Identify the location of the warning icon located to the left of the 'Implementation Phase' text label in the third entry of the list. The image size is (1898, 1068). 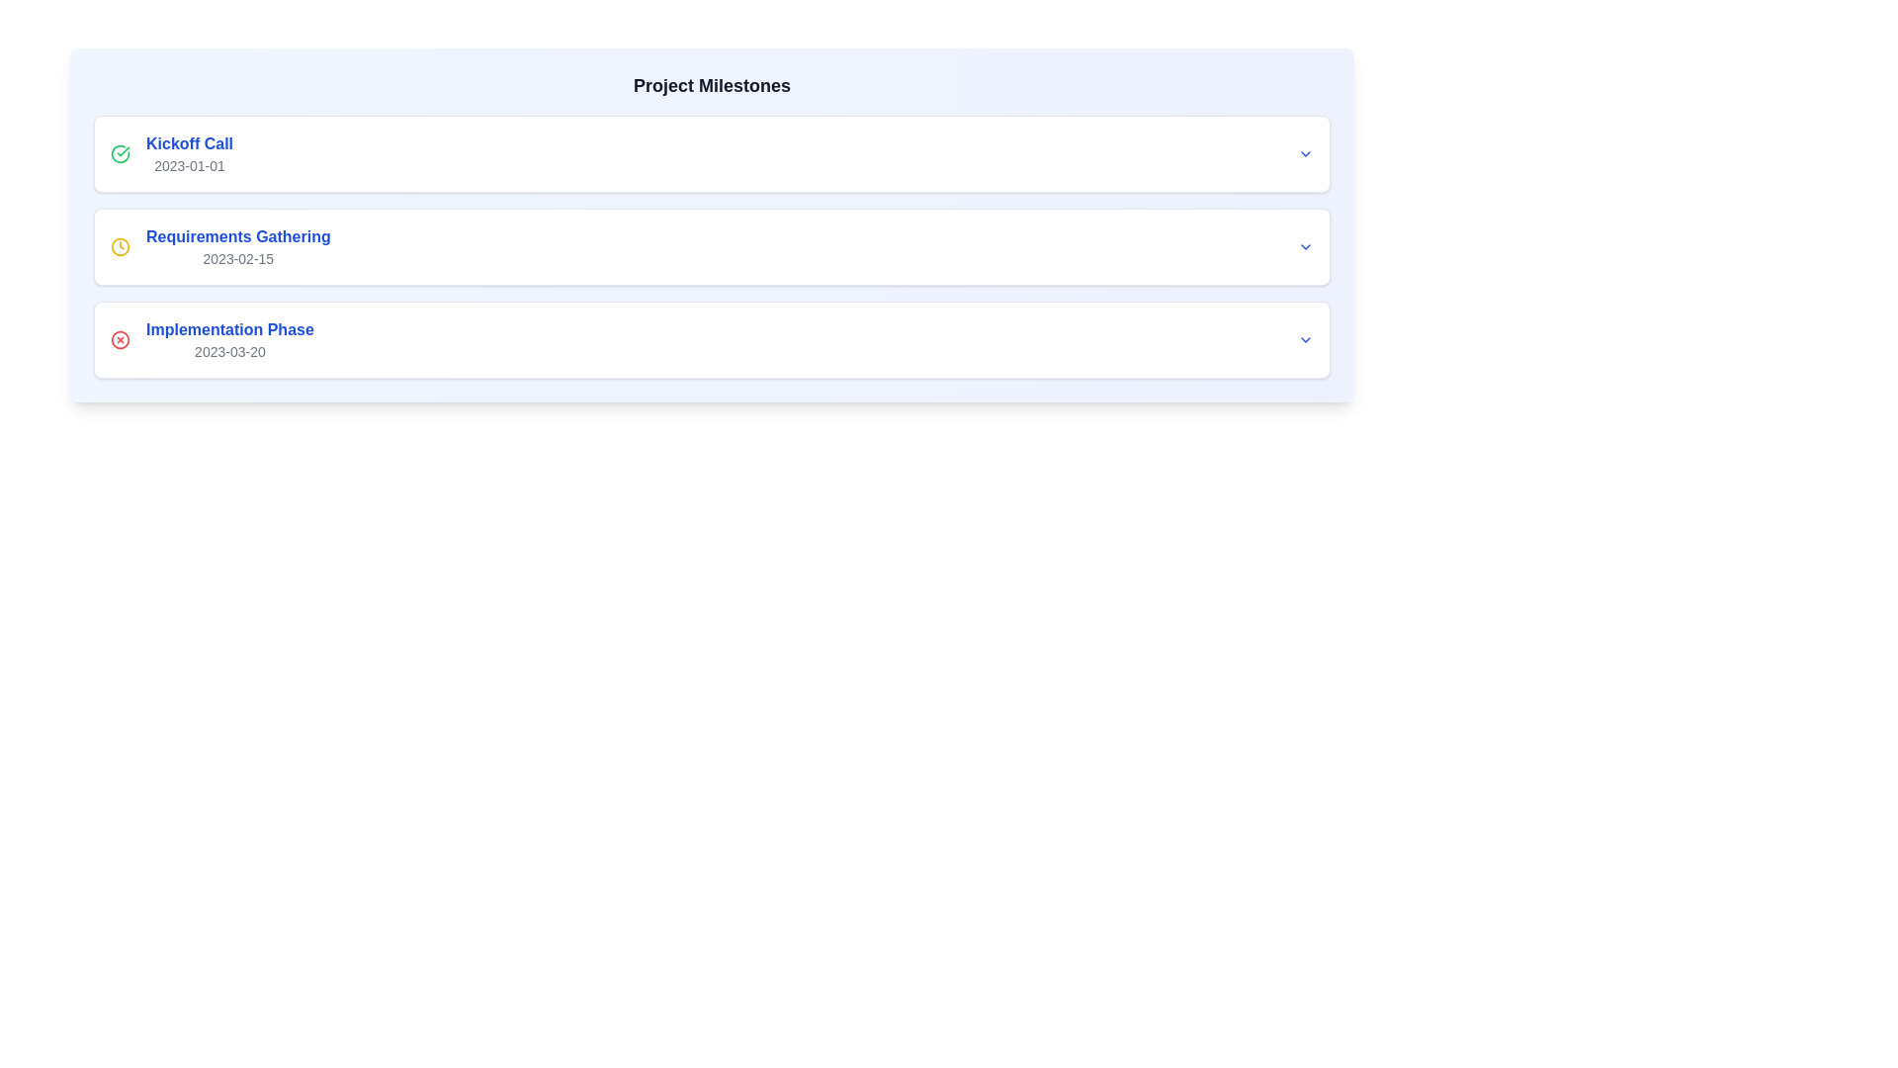
(119, 338).